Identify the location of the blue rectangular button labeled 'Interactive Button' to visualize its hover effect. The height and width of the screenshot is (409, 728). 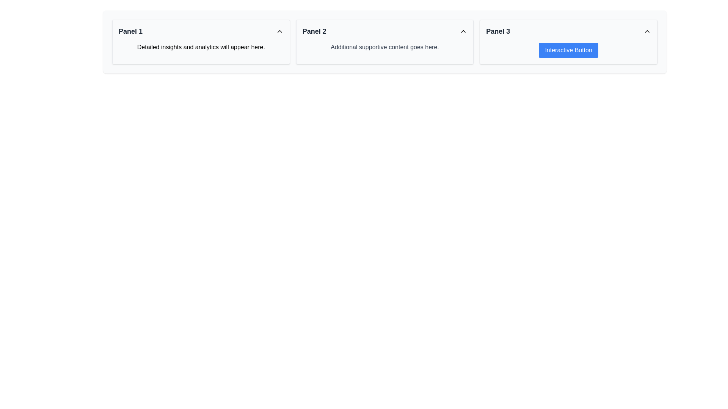
(568, 50).